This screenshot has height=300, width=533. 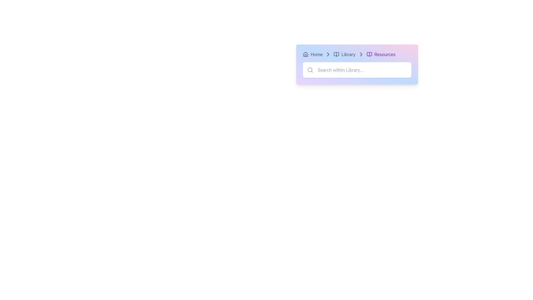 What do you see at coordinates (384, 54) in the screenshot?
I see `the 'Resources' text label in the breadcrumb navigation bar` at bounding box center [384, 54].